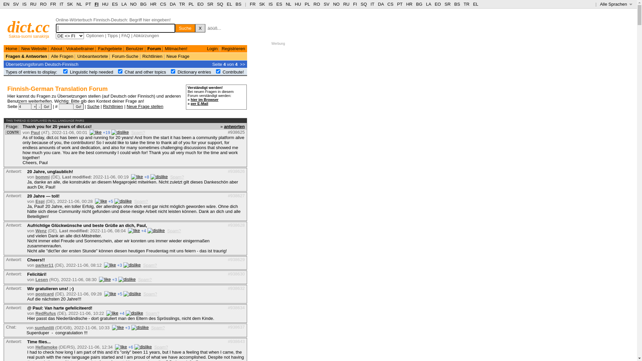 The image size is (642, 361). Describe the element at coordinates (39, 201) in the screenshot. I see `'Espi'` at that location.